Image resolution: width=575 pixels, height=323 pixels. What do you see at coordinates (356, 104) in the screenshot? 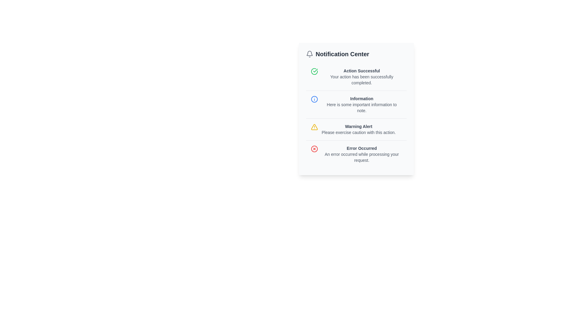
I see `the second notification box that conveys non-critical information, located beneath 'Action Successful' and above 'Warning Alert'` at bounding box center [356, 104].